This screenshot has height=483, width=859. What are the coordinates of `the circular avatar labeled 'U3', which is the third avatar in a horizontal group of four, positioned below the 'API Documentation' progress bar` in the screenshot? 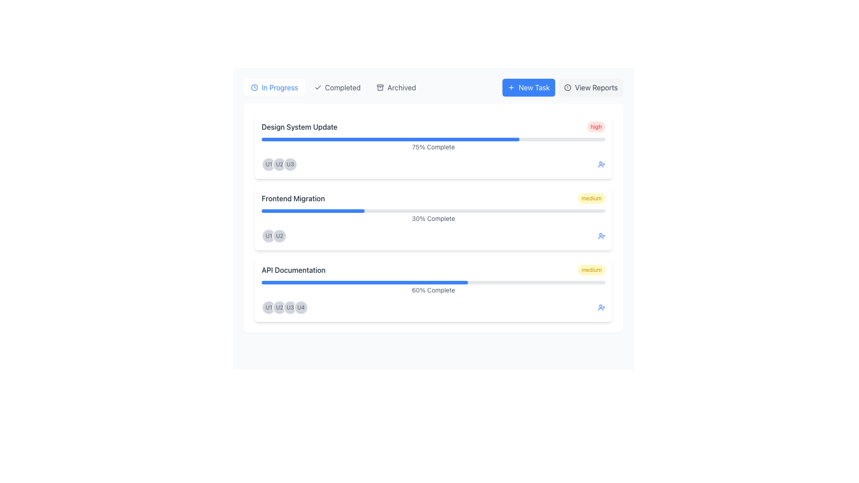 It's located at (290, 307).